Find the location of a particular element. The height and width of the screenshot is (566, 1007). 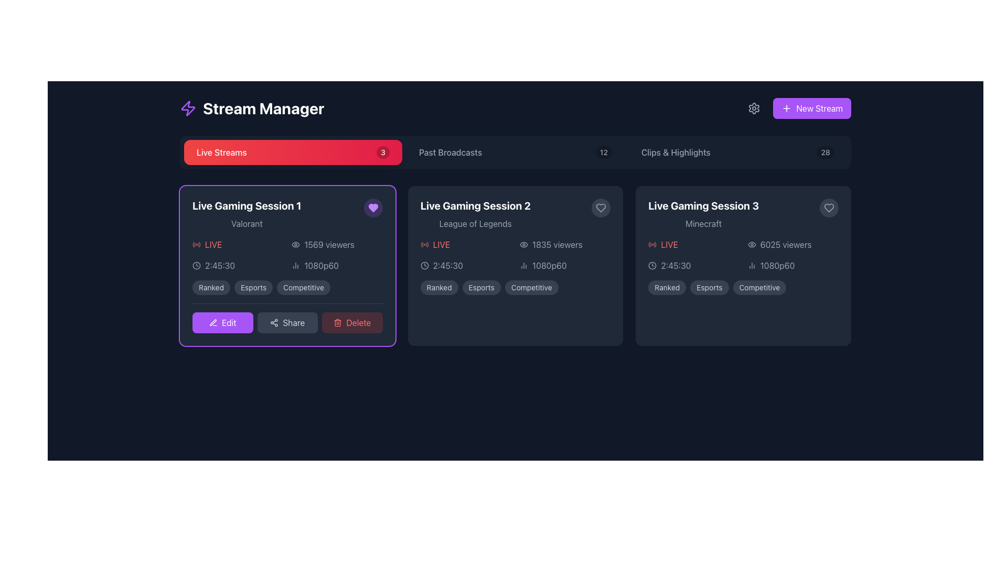

the timestamp text label element displaying '2:45:30', which is located above the video resolution text in the 'Live Gaming Session 3' section is located at coordinates (676, 265).